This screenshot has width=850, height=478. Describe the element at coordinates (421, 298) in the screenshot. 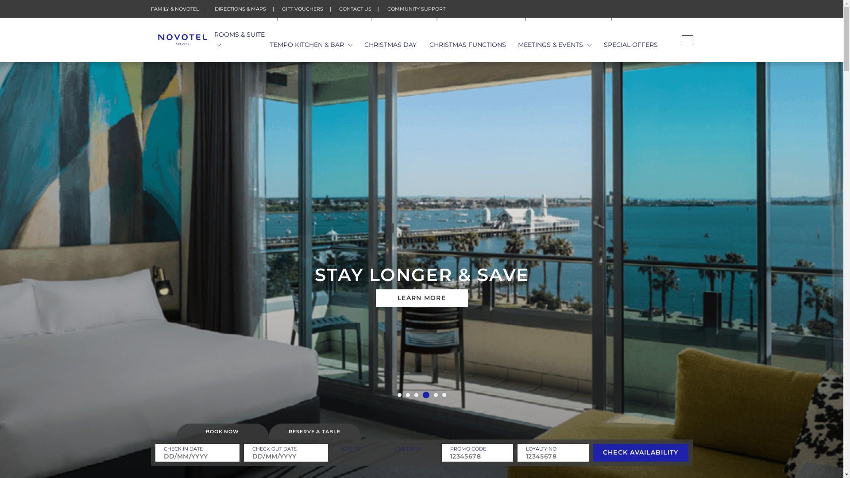

I see `'LEARN MORE'` at that location.